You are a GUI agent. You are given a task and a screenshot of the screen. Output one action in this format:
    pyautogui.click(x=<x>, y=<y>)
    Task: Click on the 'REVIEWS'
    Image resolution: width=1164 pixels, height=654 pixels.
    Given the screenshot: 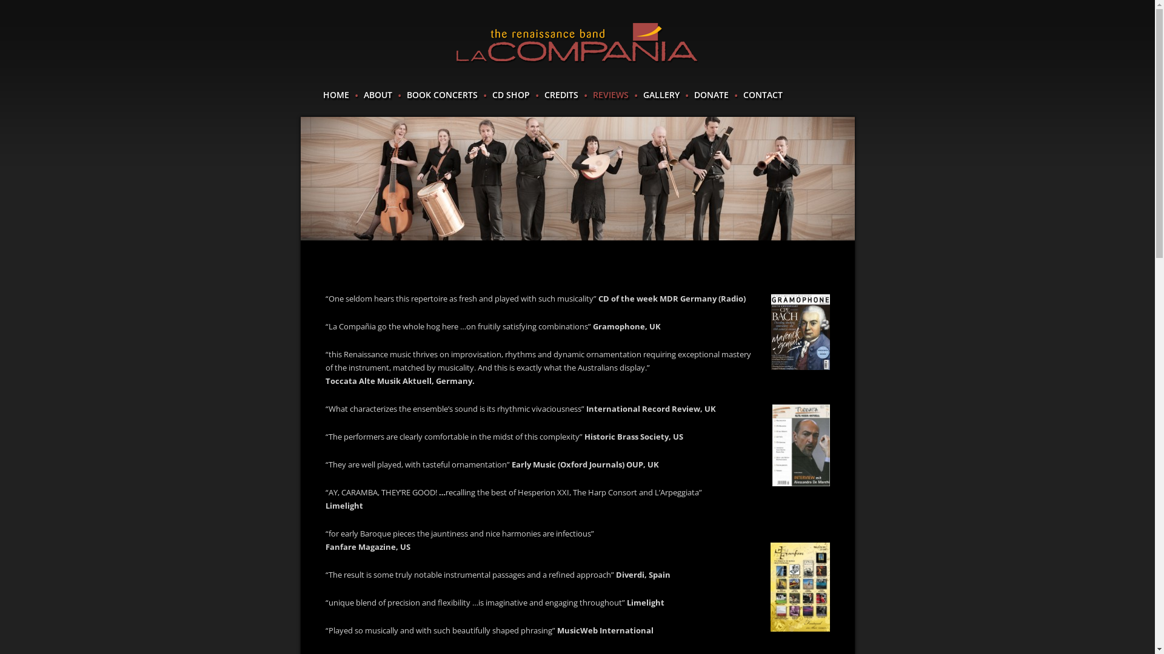 What is the action you would take?
    pyautogui.click(x=610, y=94)
    